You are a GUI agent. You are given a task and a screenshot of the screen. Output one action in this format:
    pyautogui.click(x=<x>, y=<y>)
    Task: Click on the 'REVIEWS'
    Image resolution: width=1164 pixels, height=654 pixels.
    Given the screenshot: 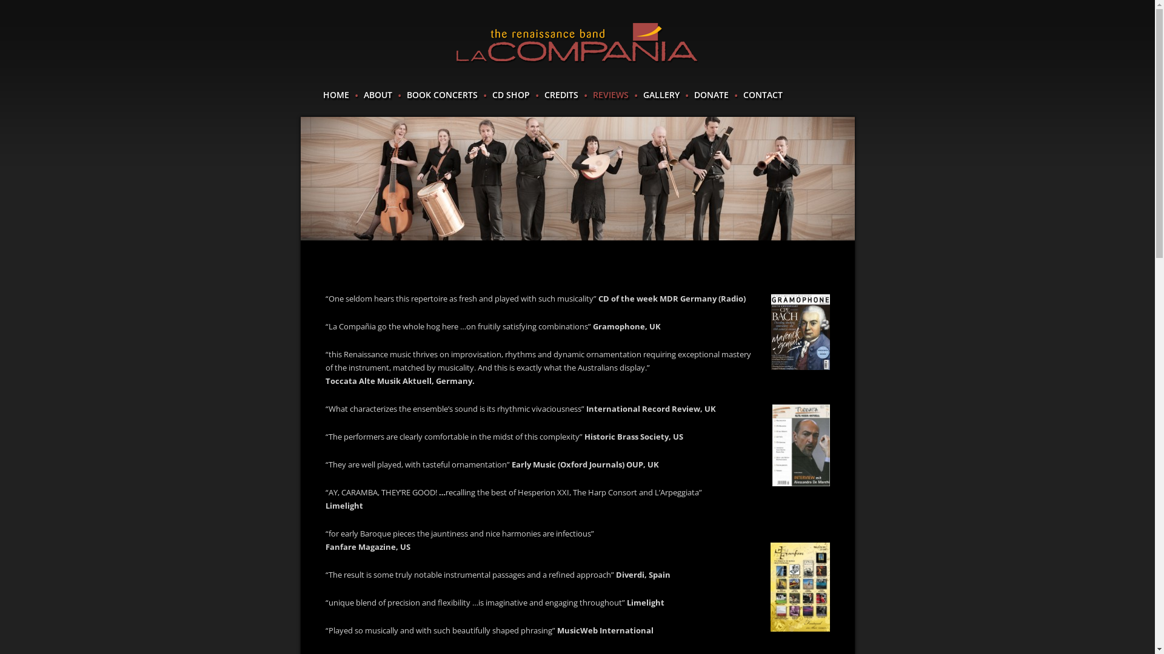 What is the action you would take?
    pyautogui.click(x=610, y=94)
    